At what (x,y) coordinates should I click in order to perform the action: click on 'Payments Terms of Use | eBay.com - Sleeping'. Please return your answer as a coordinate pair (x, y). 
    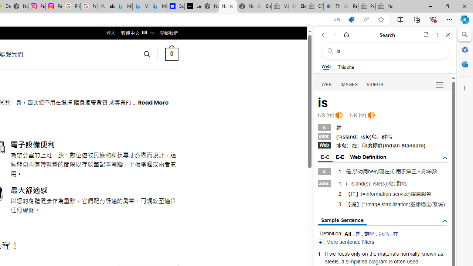
    Looking at the image, I should click on (349, 6).